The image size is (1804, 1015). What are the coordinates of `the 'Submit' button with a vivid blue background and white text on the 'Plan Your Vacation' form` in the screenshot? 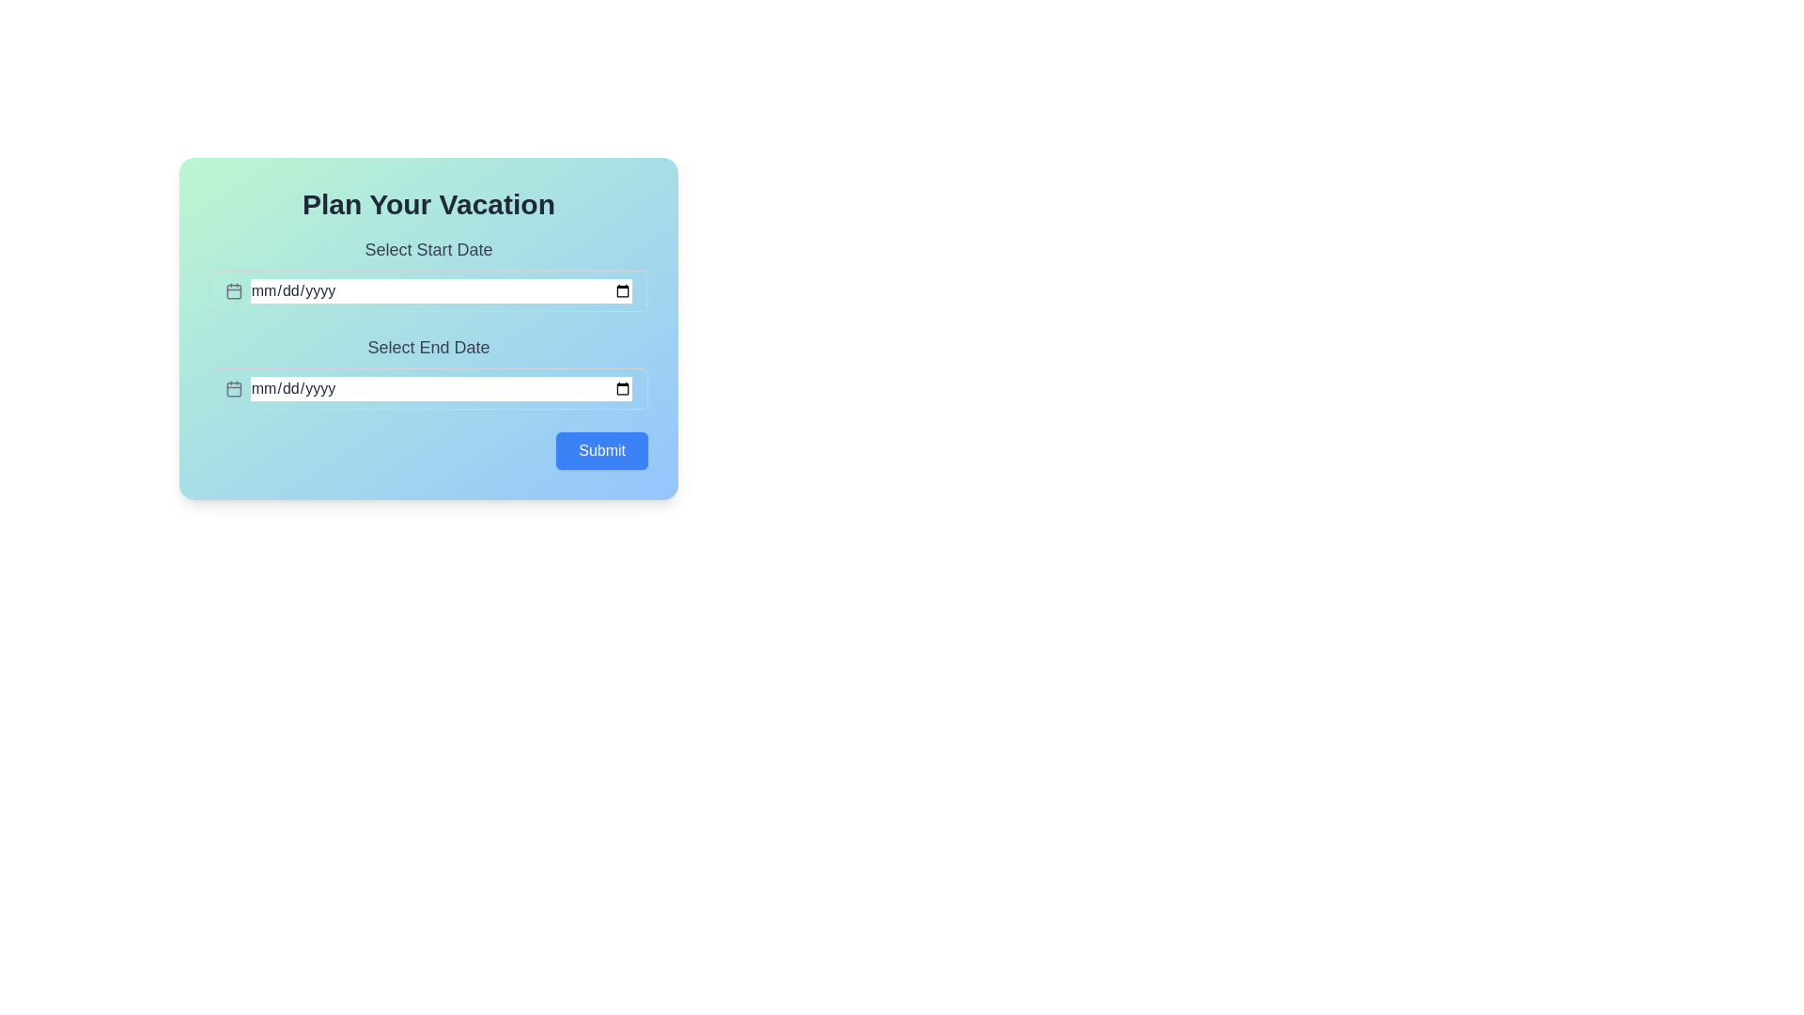 It's located at (602, 450).